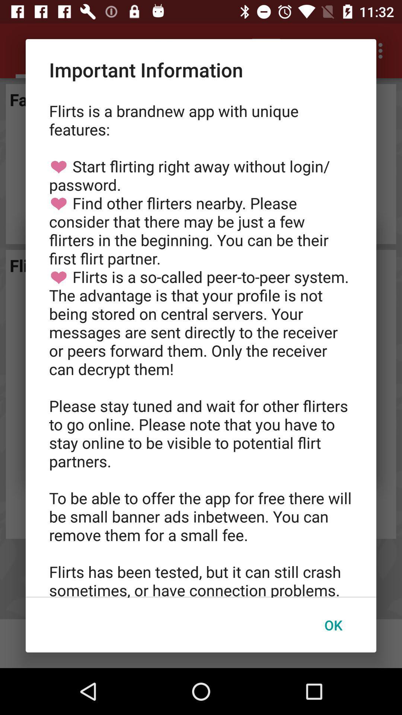 The width and height of the screenshot is (402, 715). What do you see at coordinates (333, 625) in the screenshot?
I see `app below flirts is a app` at bounding box center [333, 625].